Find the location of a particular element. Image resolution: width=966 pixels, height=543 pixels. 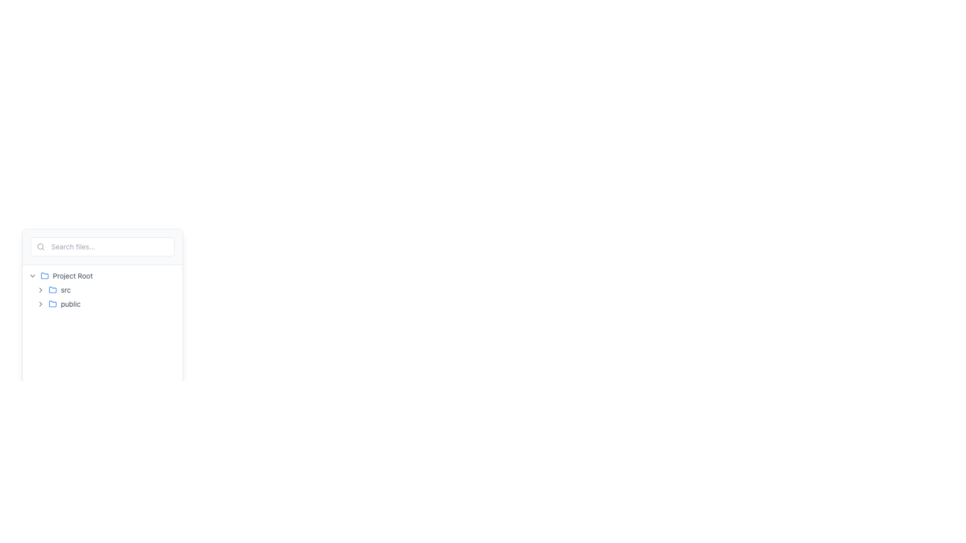

the 'src' folder is located at coordinates (102, 290).